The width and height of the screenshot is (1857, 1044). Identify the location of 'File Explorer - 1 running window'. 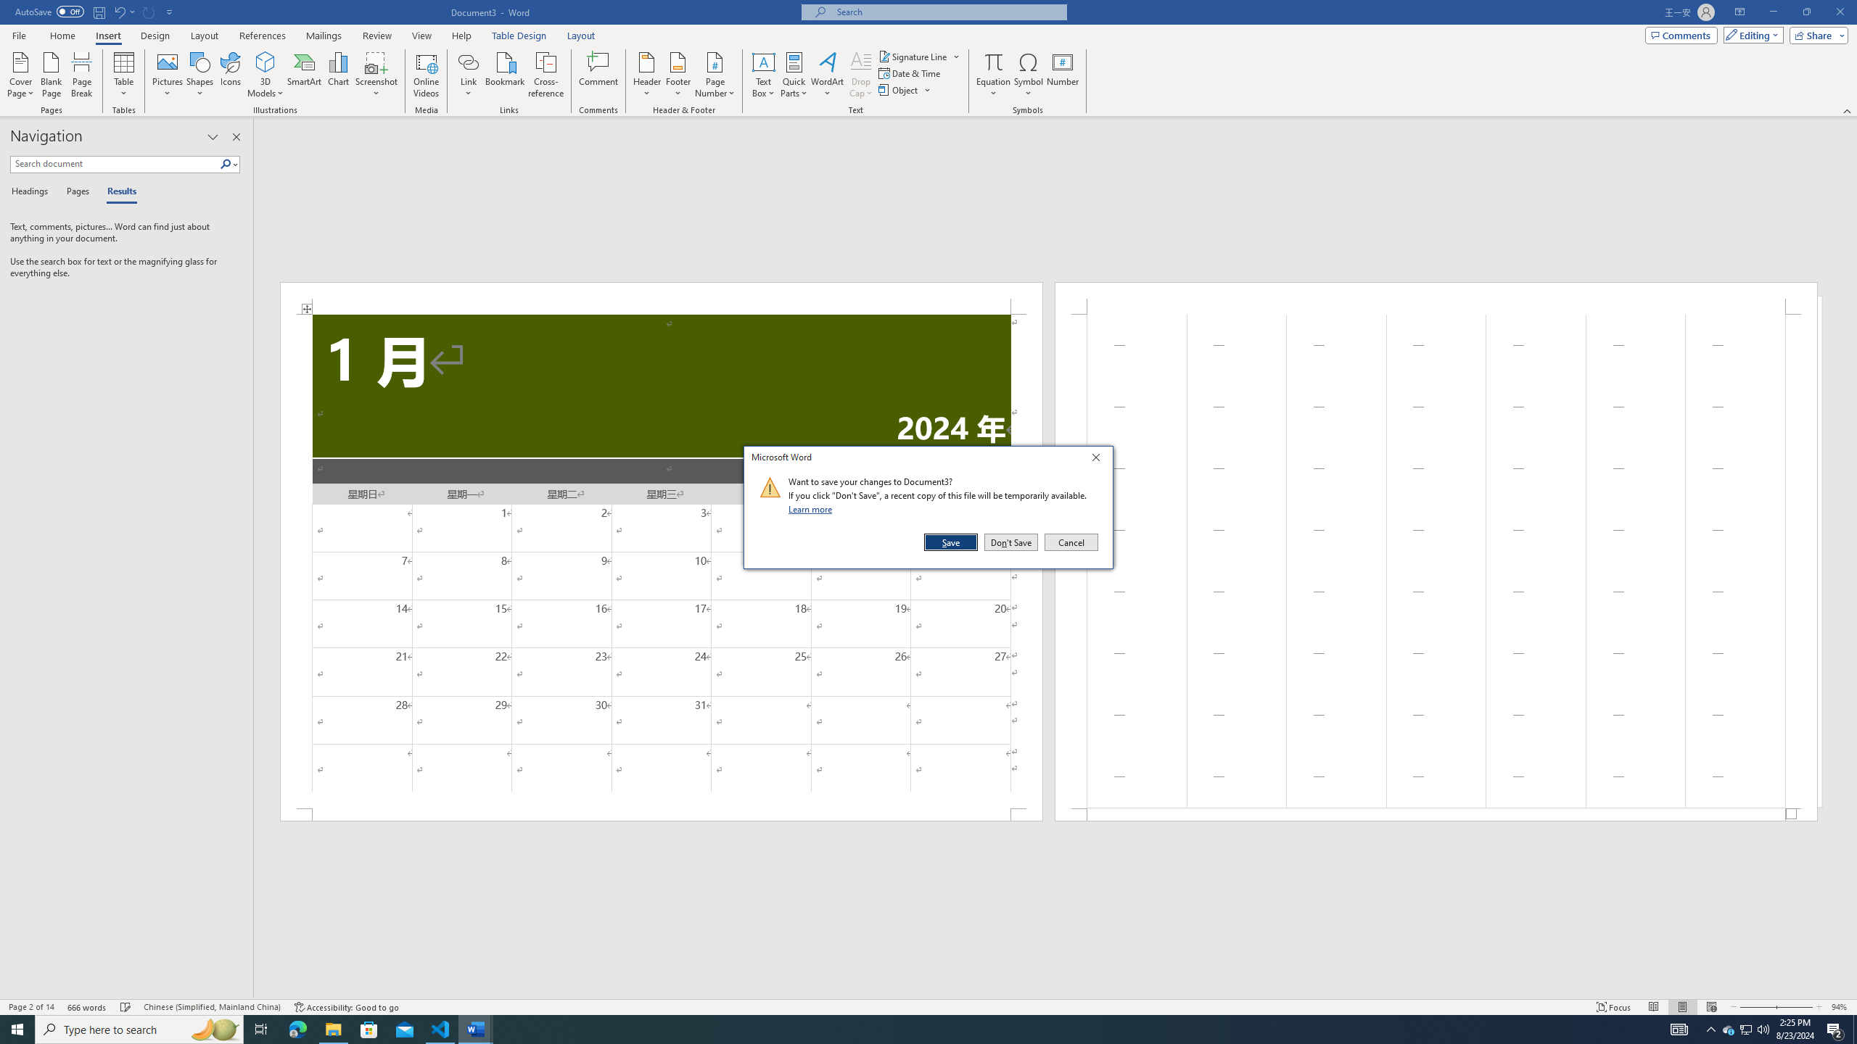
(332, 1028).